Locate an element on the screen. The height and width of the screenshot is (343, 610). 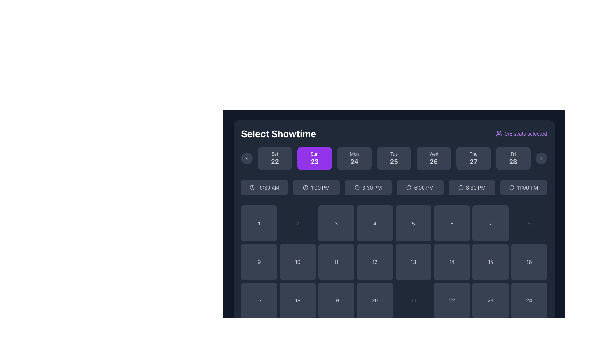
the rectangular button with a dark gray background labeled 'Thu' and '27' is located at coordinates (473, 158).